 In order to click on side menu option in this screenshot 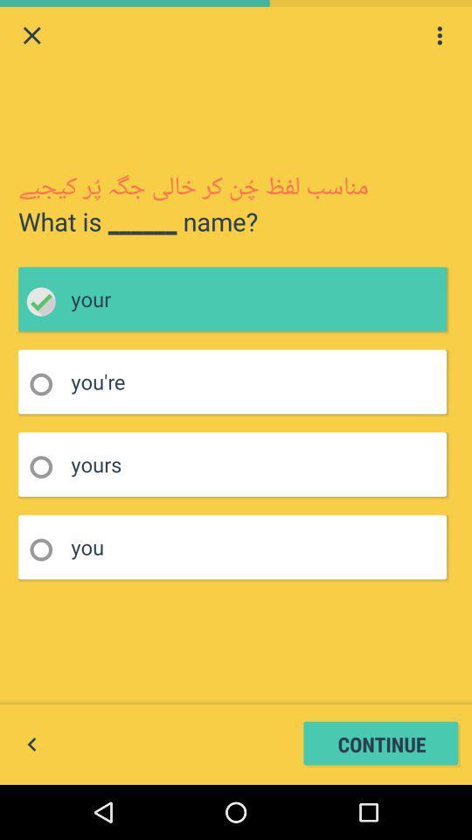, I will do `click(439, 34)`.